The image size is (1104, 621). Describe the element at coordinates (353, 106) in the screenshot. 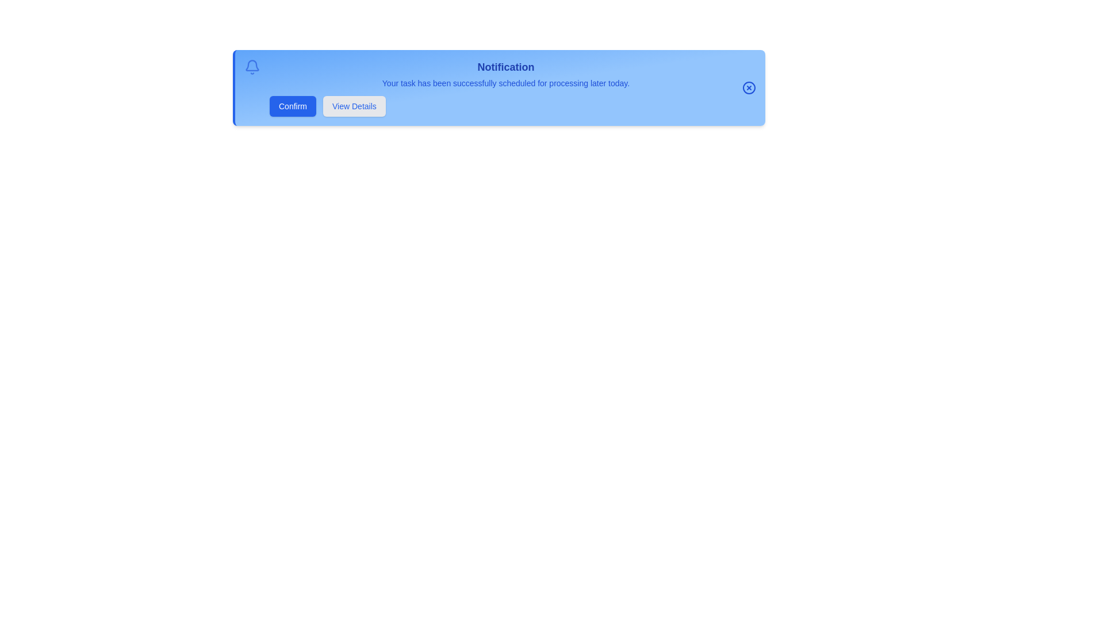

I see `the 'View Details' button to display more information about the task` at that location.